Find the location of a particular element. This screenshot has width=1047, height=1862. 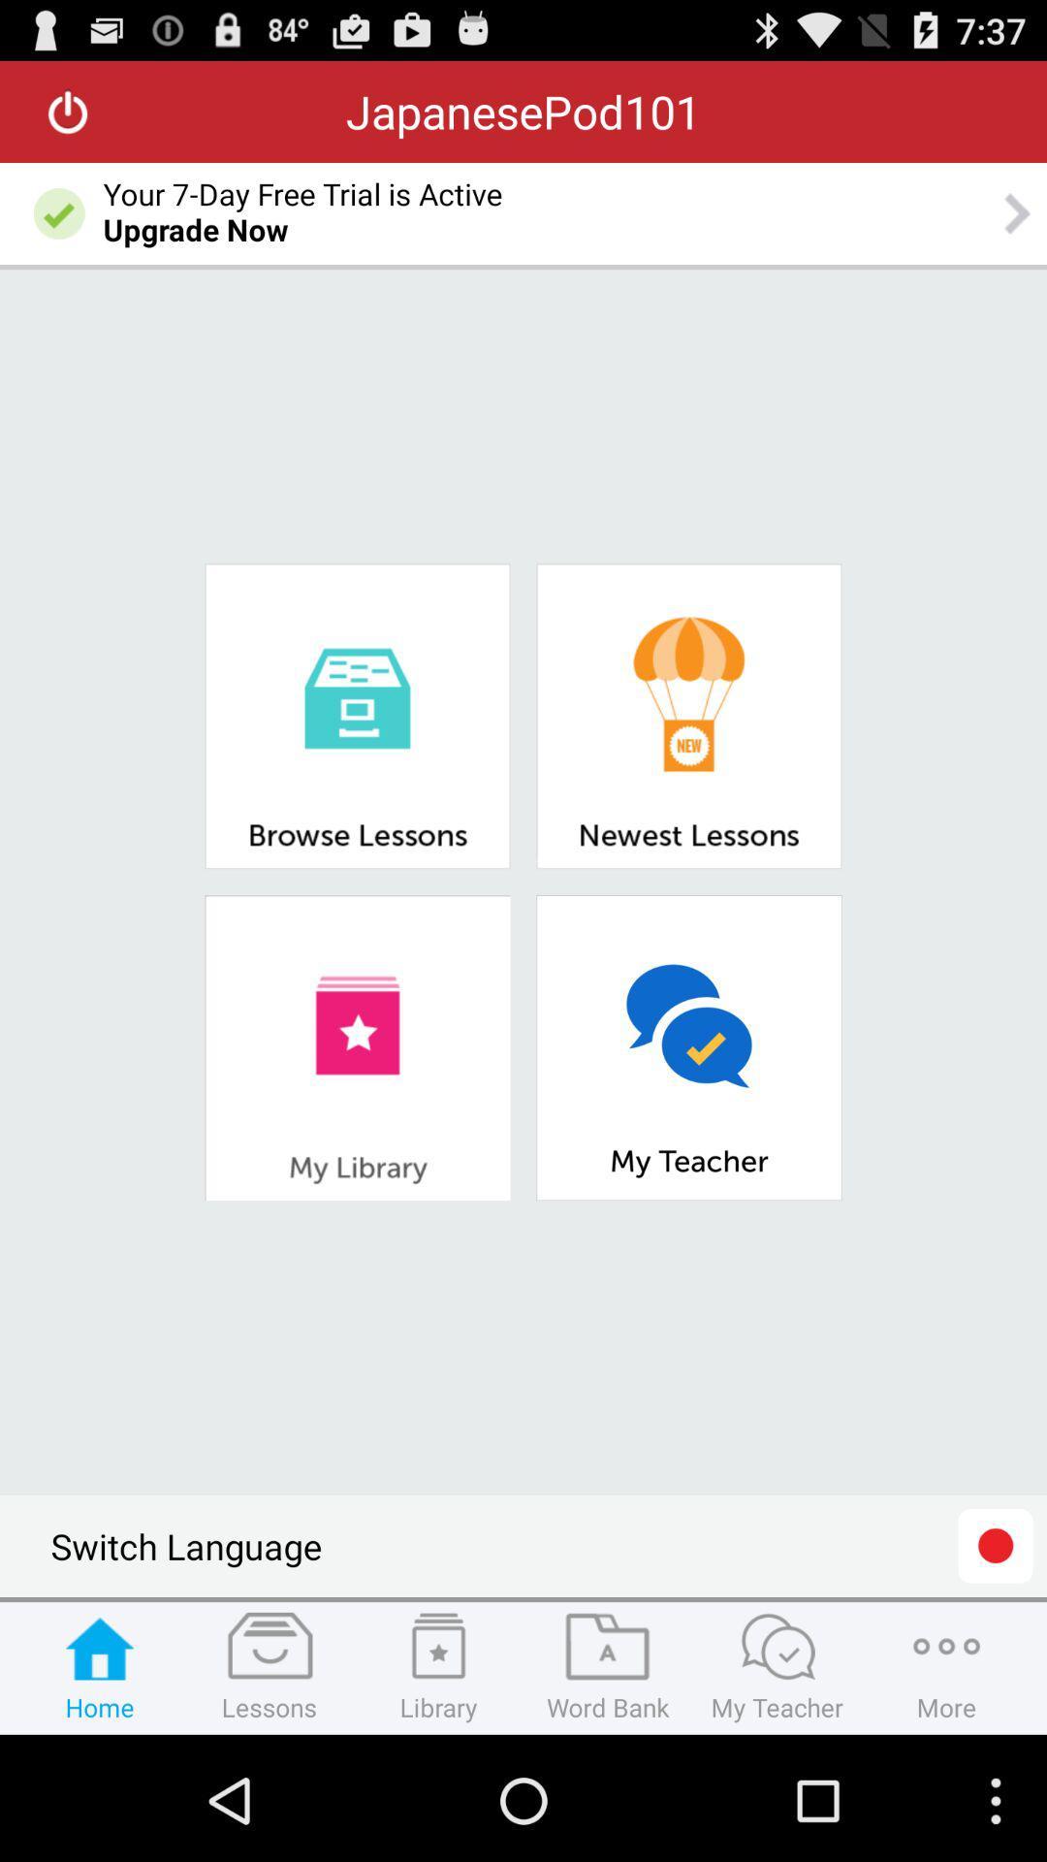

the icon to the left of the japanesepod101 is located at coordinates (67, 111).